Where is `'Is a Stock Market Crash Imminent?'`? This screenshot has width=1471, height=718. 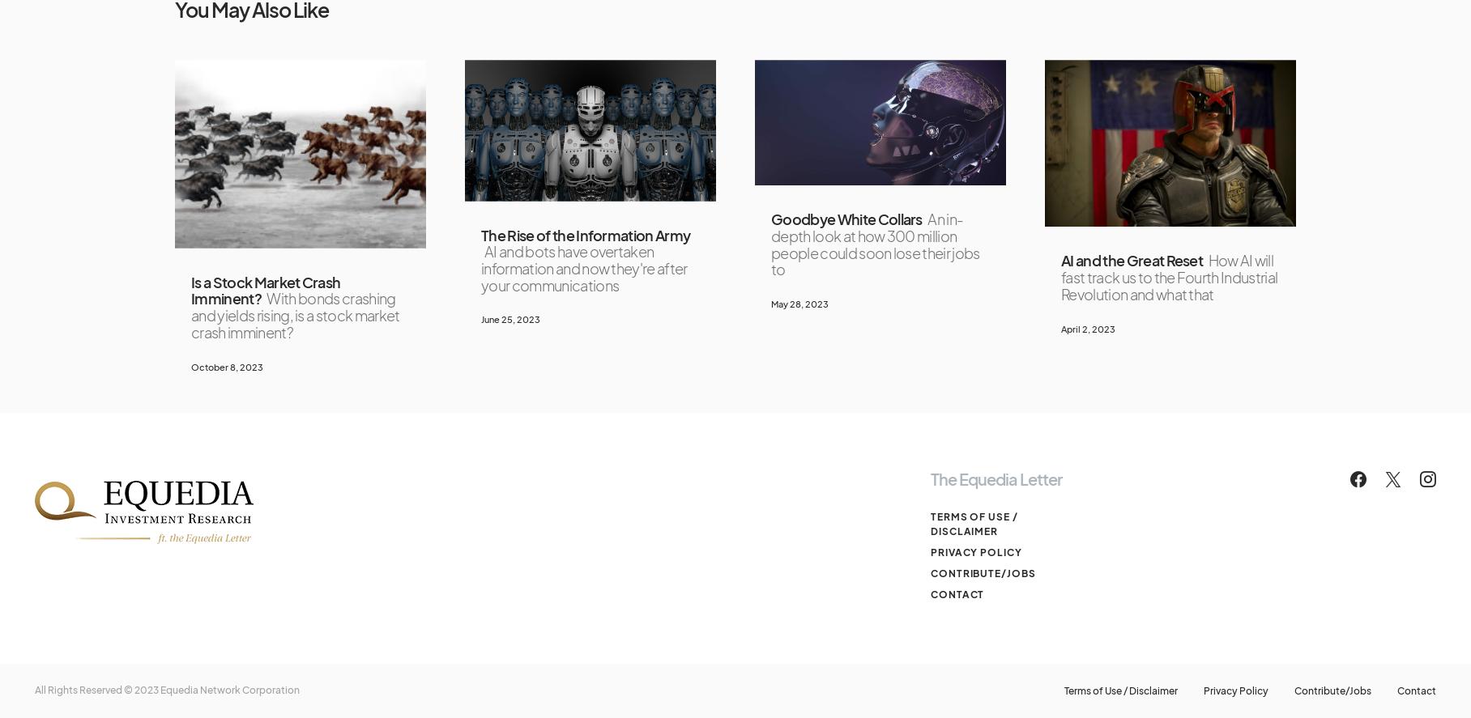
'Is a Stock Market Crash Imminent?' is located at coordinates (190, 288).